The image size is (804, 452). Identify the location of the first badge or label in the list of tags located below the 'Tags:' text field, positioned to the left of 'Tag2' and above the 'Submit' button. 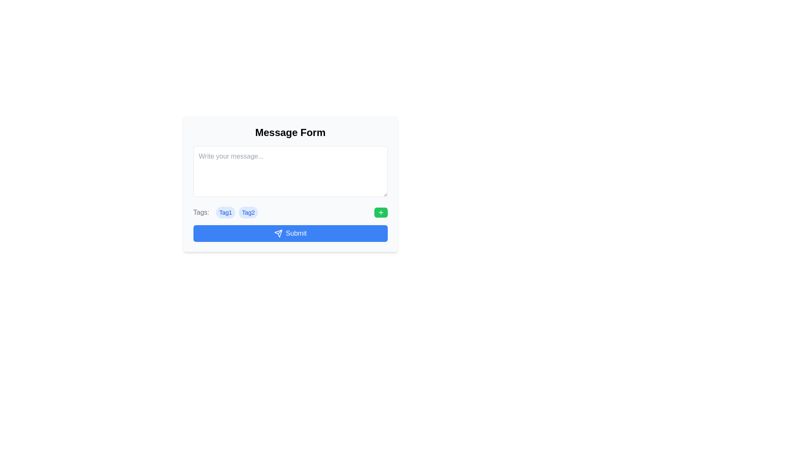
(225, 212).